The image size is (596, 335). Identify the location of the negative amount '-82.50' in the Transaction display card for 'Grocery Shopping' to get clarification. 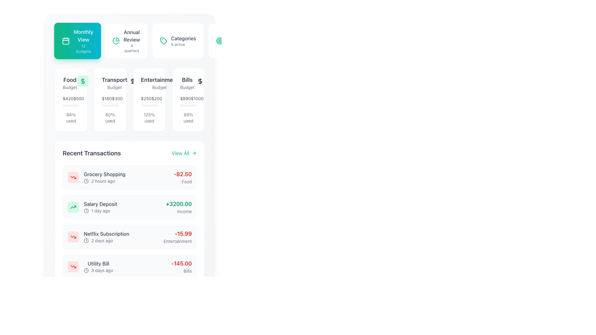
(129, 177).